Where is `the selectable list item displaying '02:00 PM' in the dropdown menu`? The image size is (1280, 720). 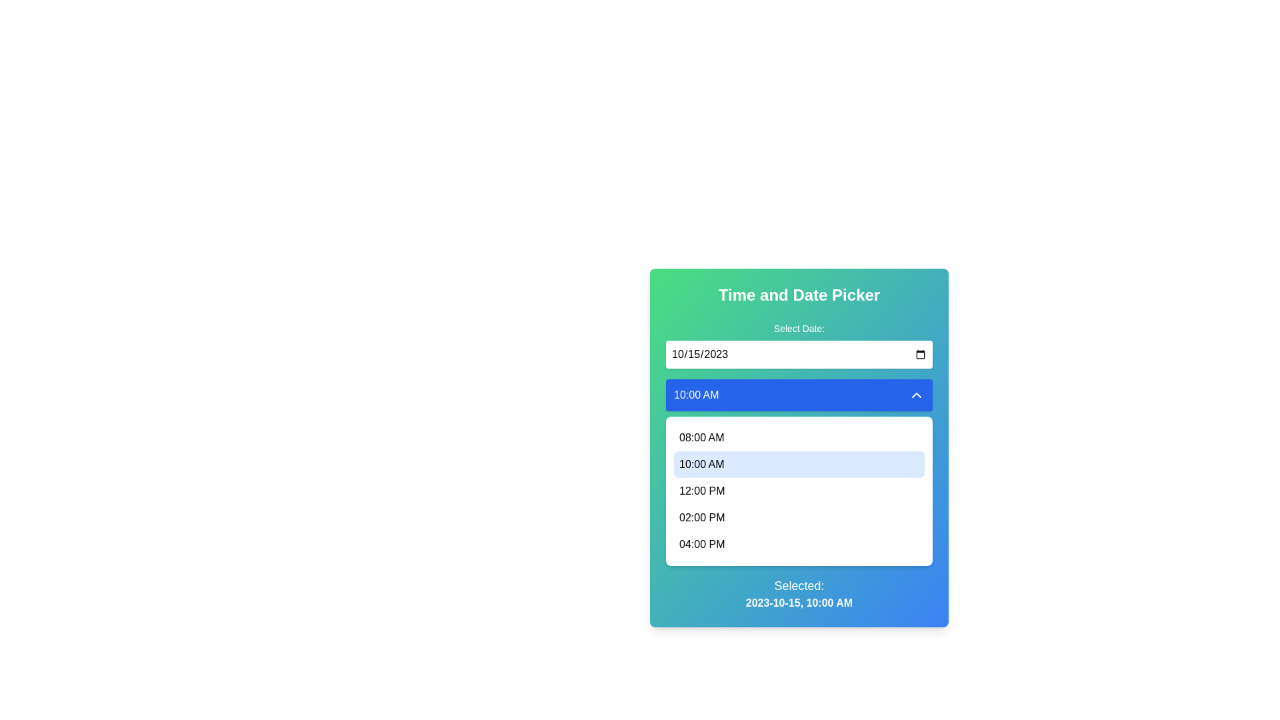
the selectable list item displaying '02:00 PM' in the dropdown menu is located at coordinates (701, 517).